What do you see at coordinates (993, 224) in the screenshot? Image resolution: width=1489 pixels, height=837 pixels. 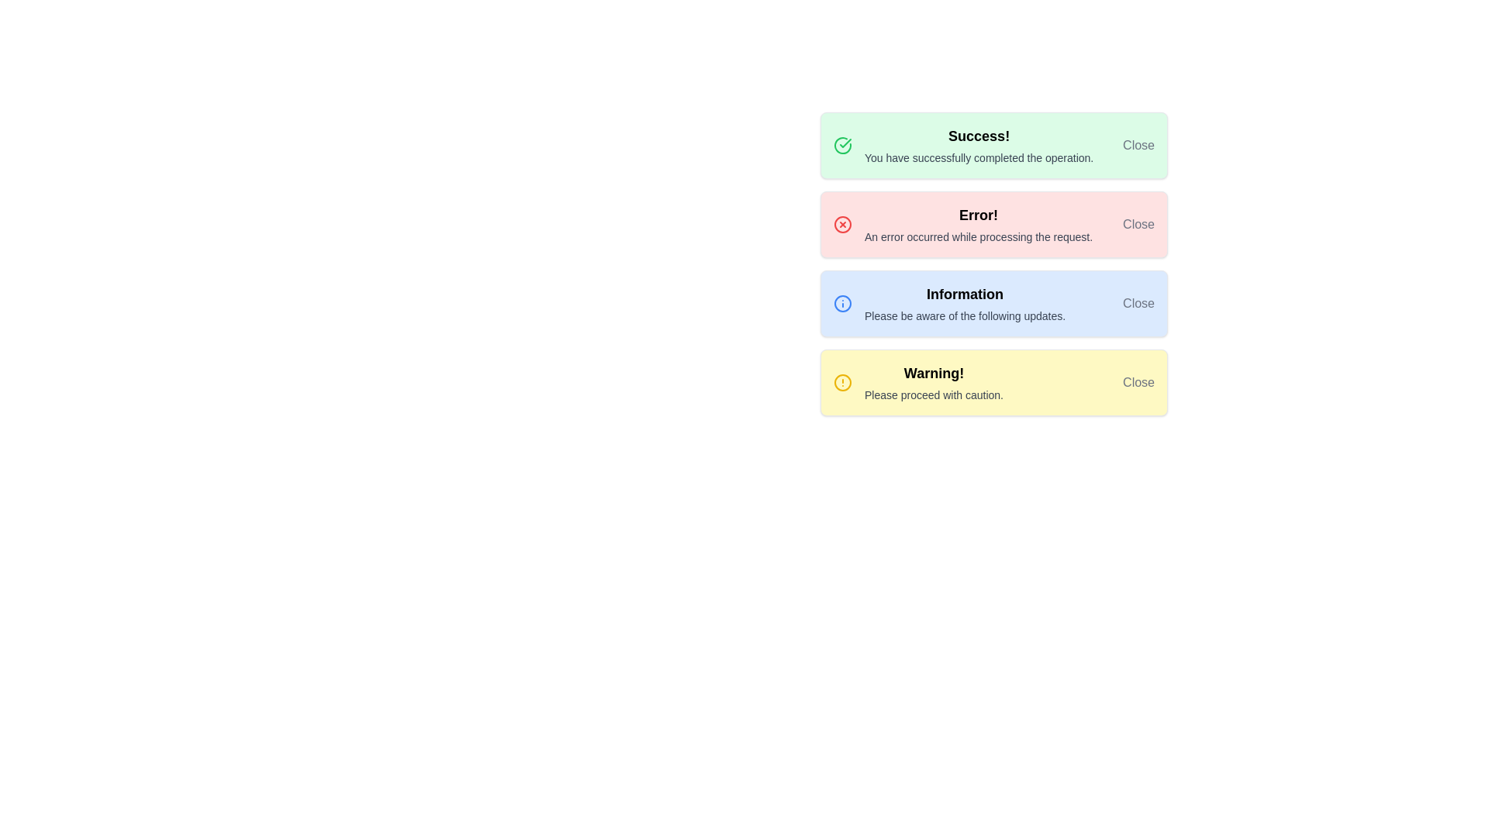 I see `error message from the notification box with a light red background, bold 'Error!' text, and a 'Close' link` at bounding box center [993, 224].